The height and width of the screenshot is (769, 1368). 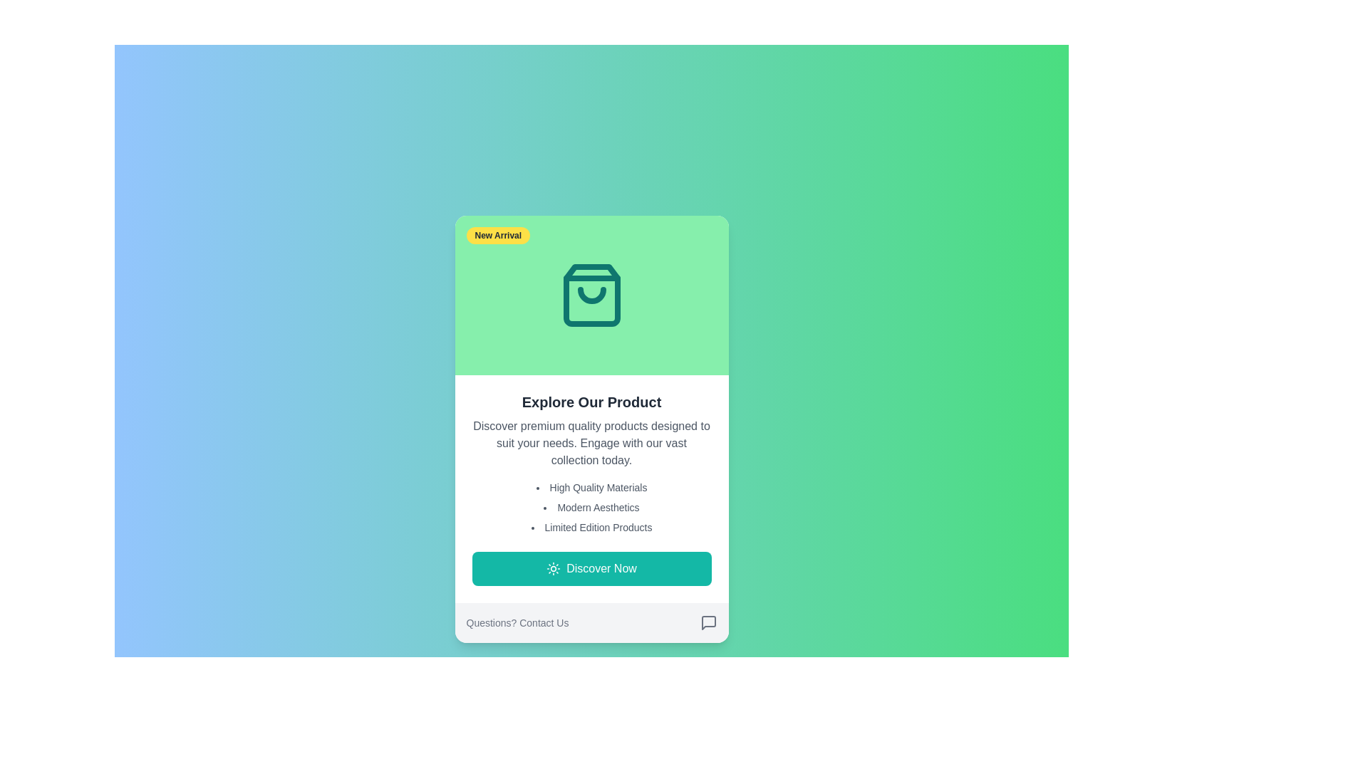 I want to click on the sun icon located to the immediate left of the 'Discover Now' text within the button under the 'Explore Our Product' description, so click(x=553, y=567).